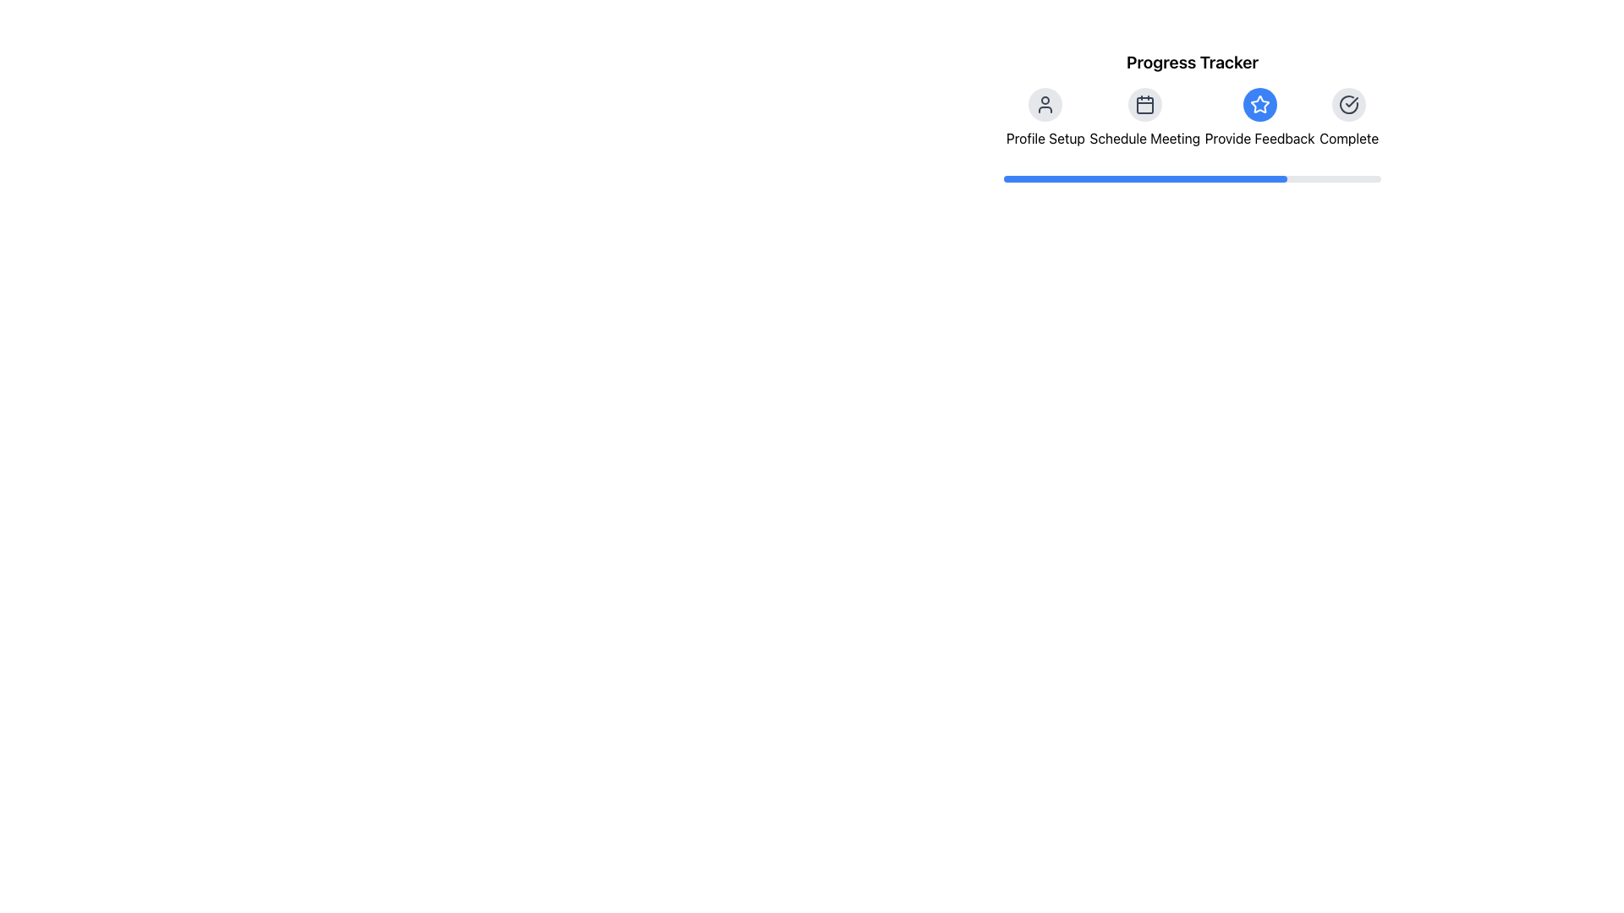  What do you see at coordinates (1045, 104) in the screenshot?
I see `the user/profile icon, which is a minimalist circular button located at the leftmost position in a row of similar buttons` at bounding box center [1045, 104].